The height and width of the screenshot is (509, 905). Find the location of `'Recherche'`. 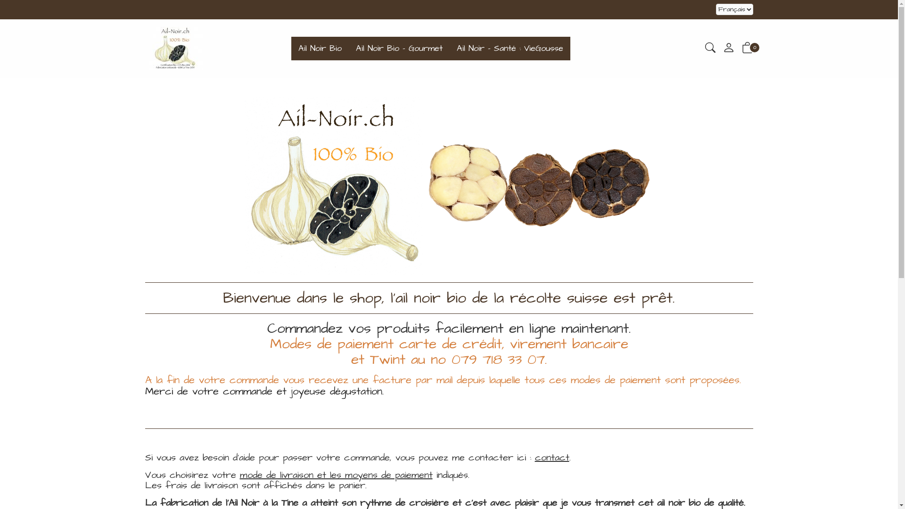

'Recherche' is located at coordinates (710, 49).